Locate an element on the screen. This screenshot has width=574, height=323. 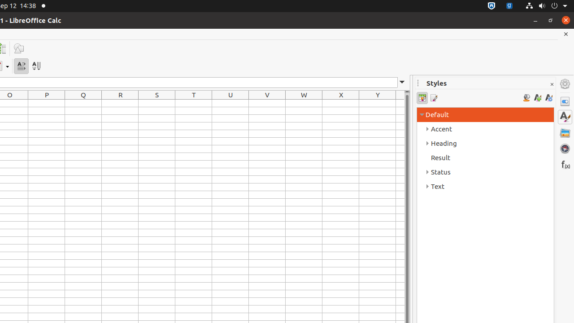
'Page Styles' is located at coordinates (433, 98).